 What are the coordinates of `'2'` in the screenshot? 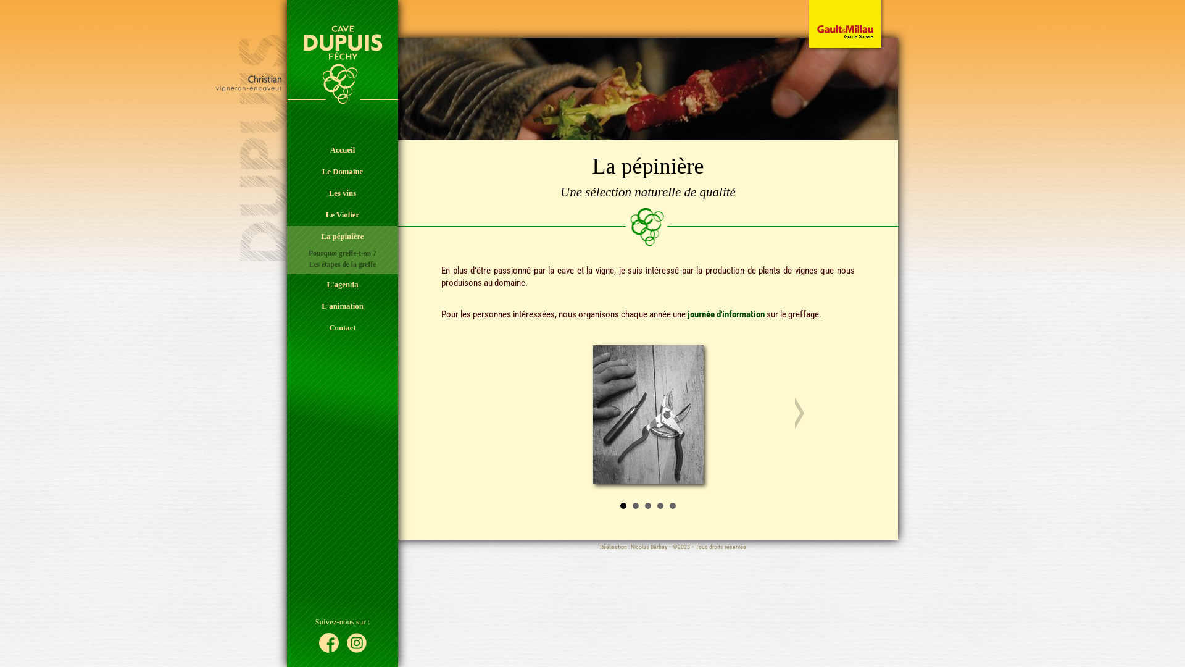 It's located at (636, 505).